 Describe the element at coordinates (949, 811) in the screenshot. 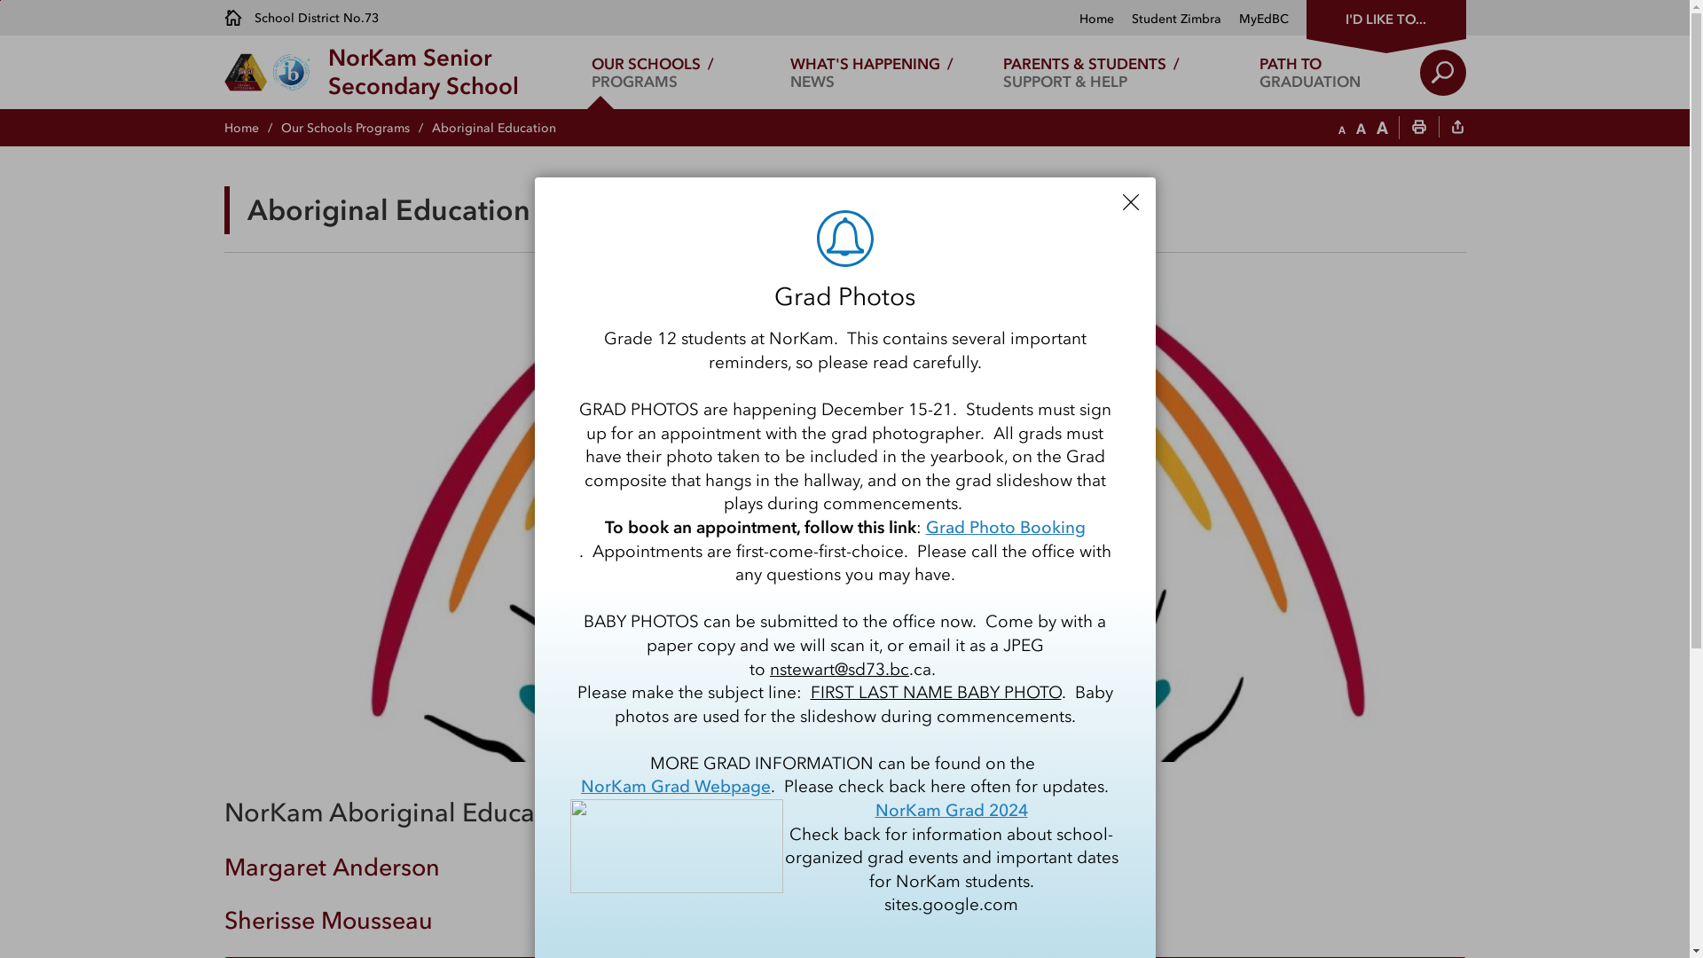

I see `'NorKam Grad 2024'` at that location.